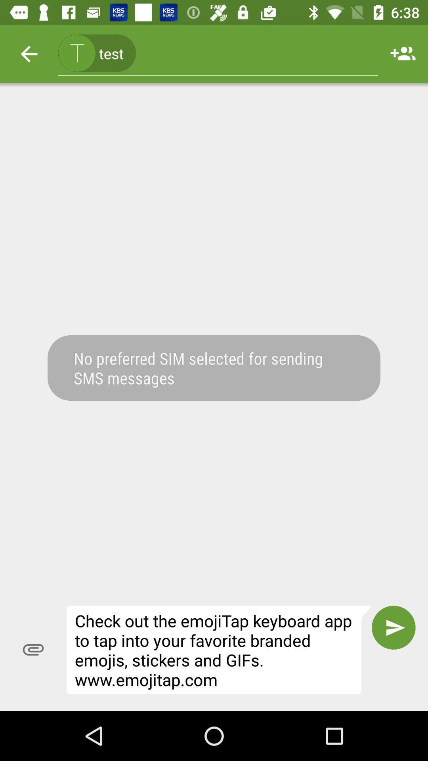  Describe the element at coordinates (218, 54) in the screenshot. I see `(415) 123-4567,  icon` at that location.